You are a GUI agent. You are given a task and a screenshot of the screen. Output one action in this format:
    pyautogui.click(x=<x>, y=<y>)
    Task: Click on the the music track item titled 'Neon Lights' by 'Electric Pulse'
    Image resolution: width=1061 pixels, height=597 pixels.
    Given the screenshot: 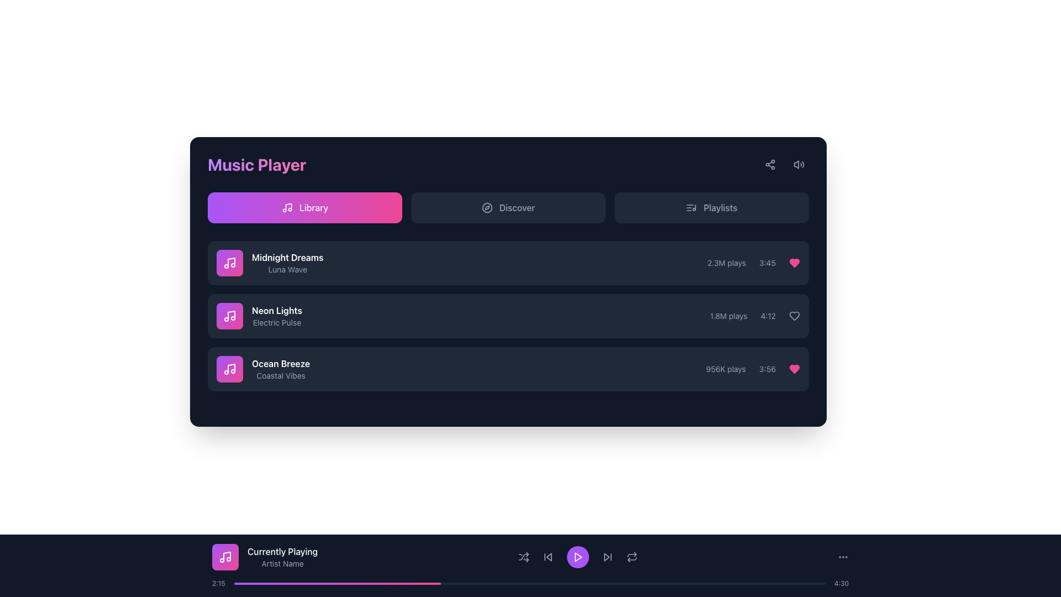 What is the action you would take?
    pyautogui.click(x=508, y=316)
    